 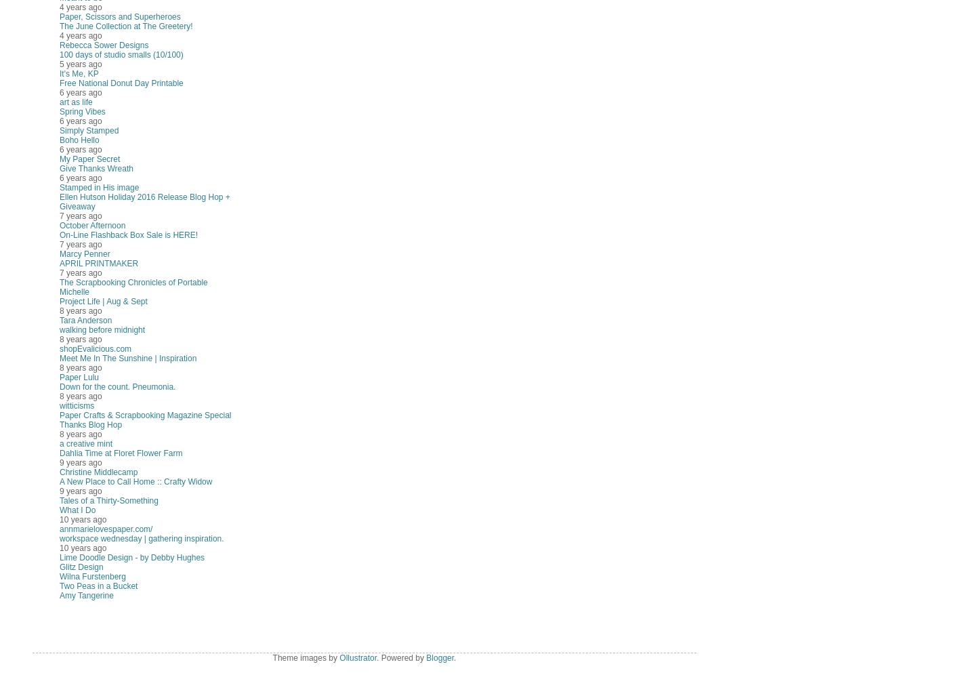 I want to click on 'Give Thanks Wreath', so click(x=96, y=169).